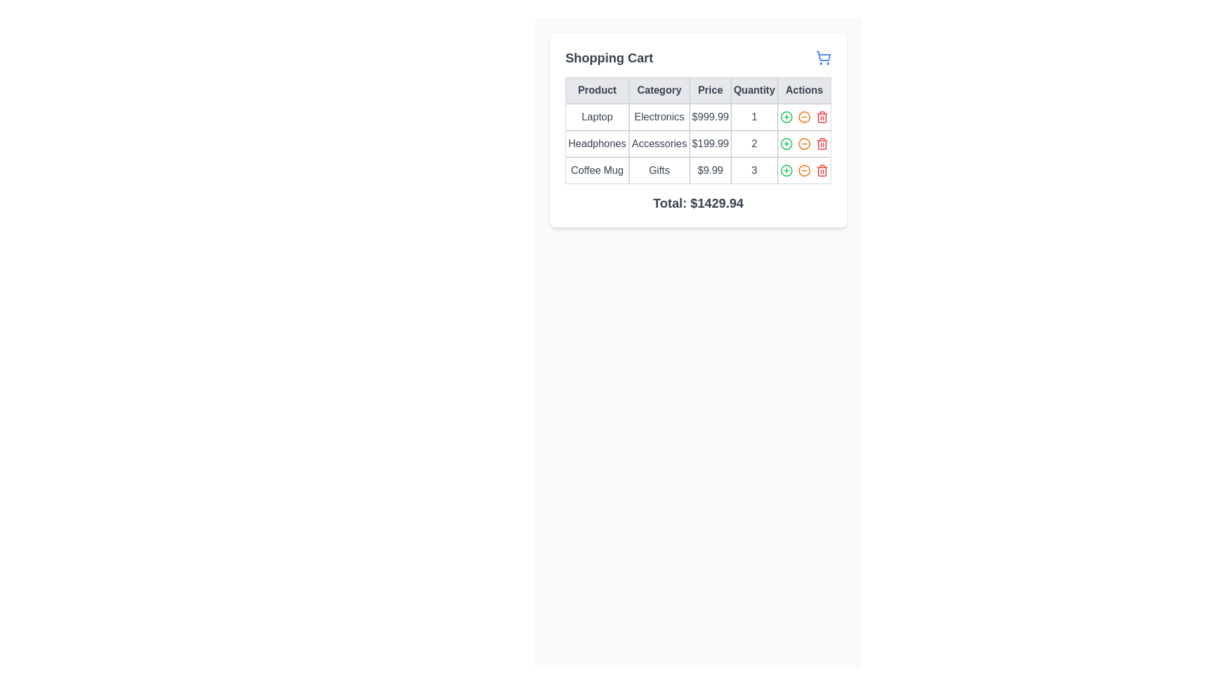 This screenshot has height=688, width=1224. I want to click on the 'Shopping Cart' text label, which is styled in bold and located in the upper left corner of the shopping cart section, so click(608, 58).